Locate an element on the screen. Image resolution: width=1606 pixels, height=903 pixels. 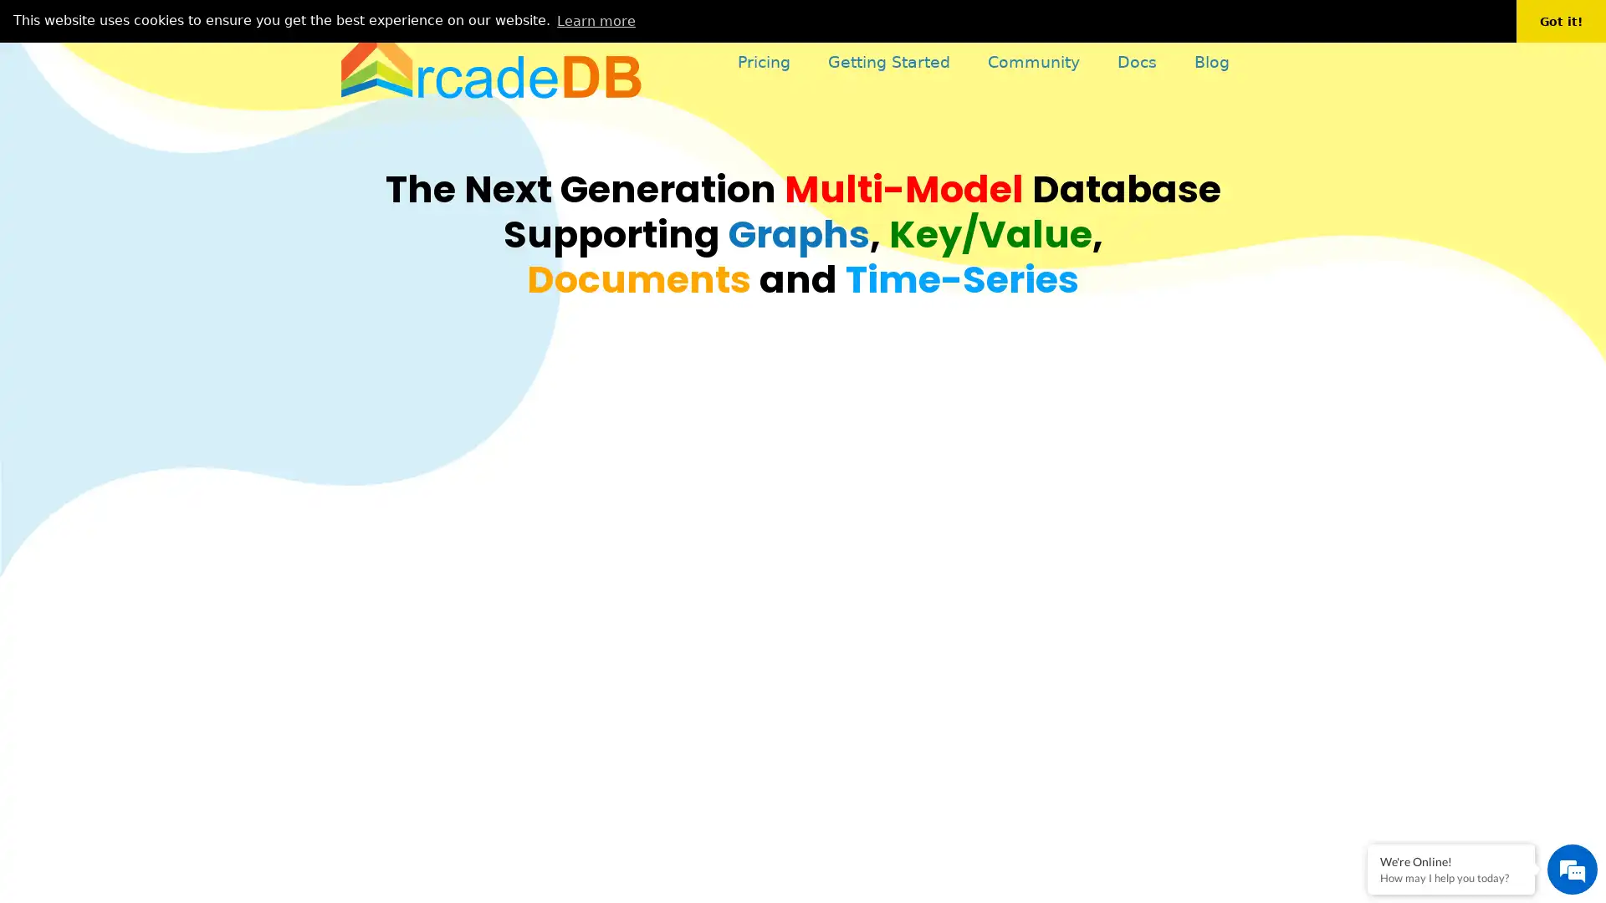
learn more about cookies is located at coordinates (596, 20).